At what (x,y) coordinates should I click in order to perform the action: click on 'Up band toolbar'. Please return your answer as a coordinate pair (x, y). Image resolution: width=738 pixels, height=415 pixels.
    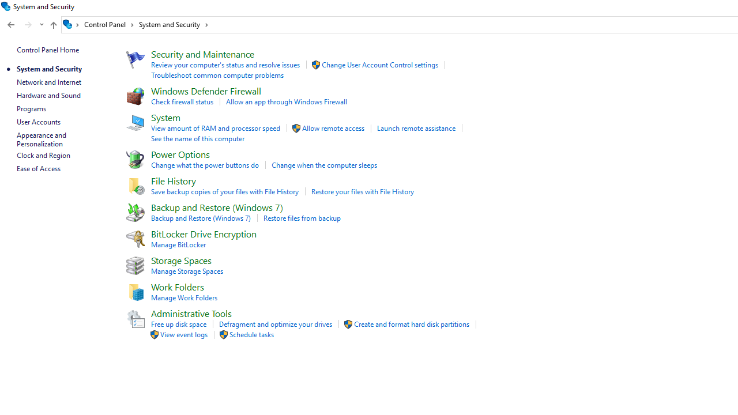
    Looking at the image, I should click on (52, 26).